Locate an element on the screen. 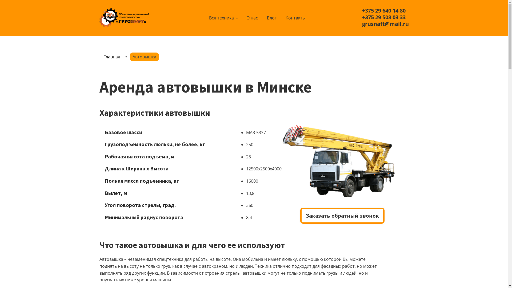 Image resolution: width=512 pixels, height=288 pixels. 'grusnaft@mail.ru' is located at coordinates (362, 23).